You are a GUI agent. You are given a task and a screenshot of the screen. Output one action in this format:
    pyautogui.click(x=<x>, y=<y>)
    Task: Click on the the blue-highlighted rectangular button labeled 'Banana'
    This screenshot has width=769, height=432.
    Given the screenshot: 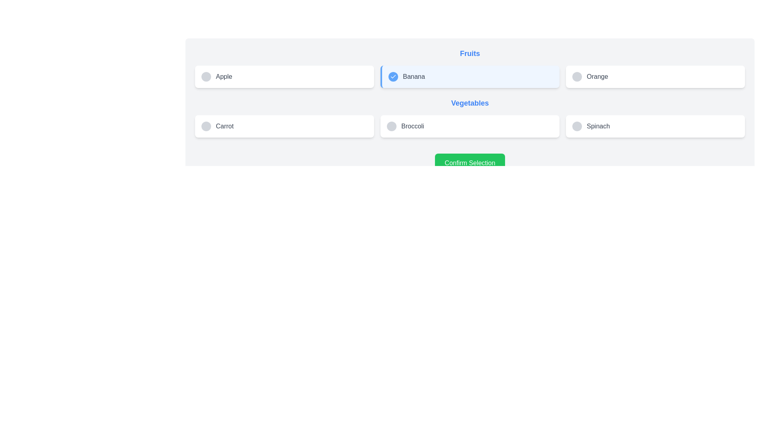 What is the action you would take?
    pyautogui.click(x=470, y=77)
    